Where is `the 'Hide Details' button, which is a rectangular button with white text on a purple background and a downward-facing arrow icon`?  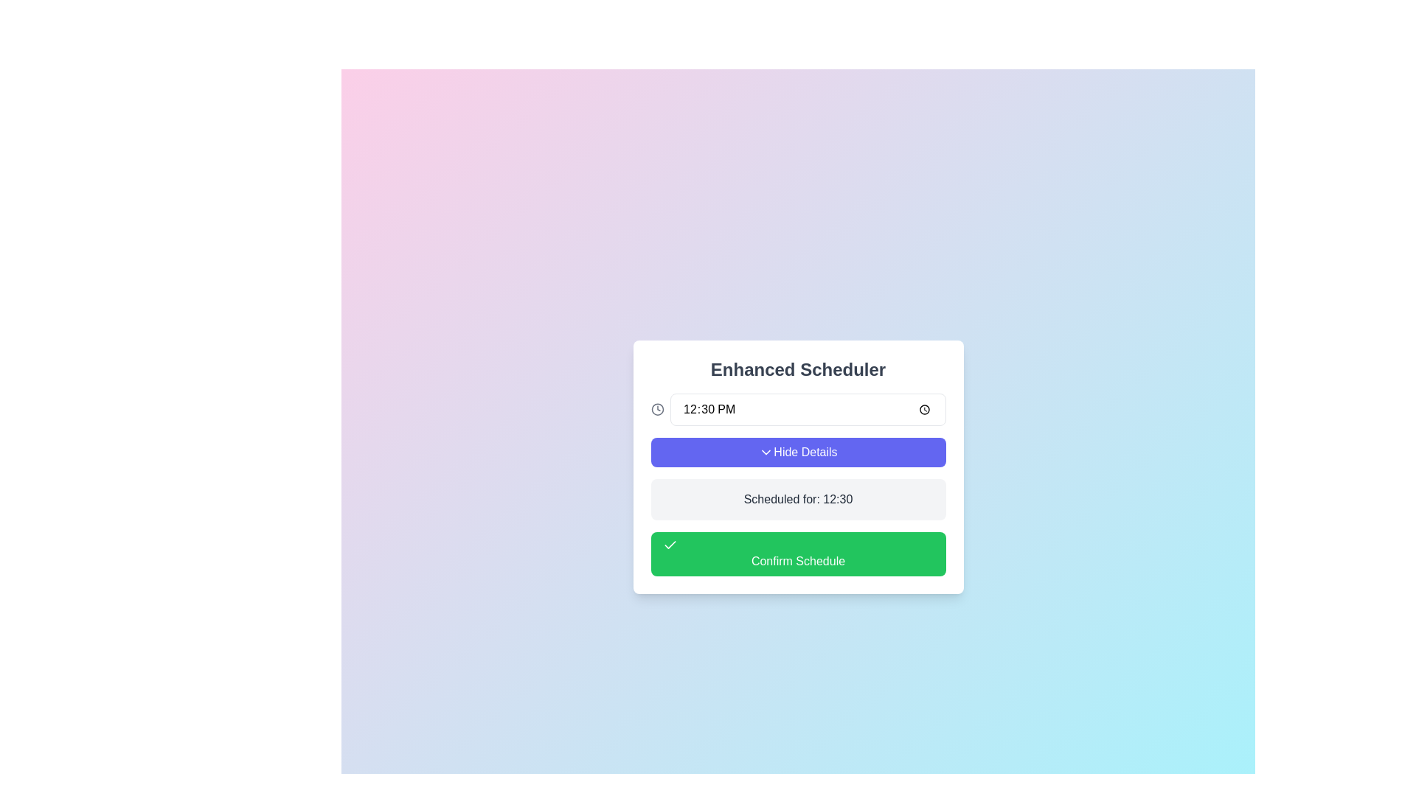
the 'Hide Details' button, which is a rectangular button with white text on a purple background and a downward-facing arrow icon is located at coordinates (797, 451).